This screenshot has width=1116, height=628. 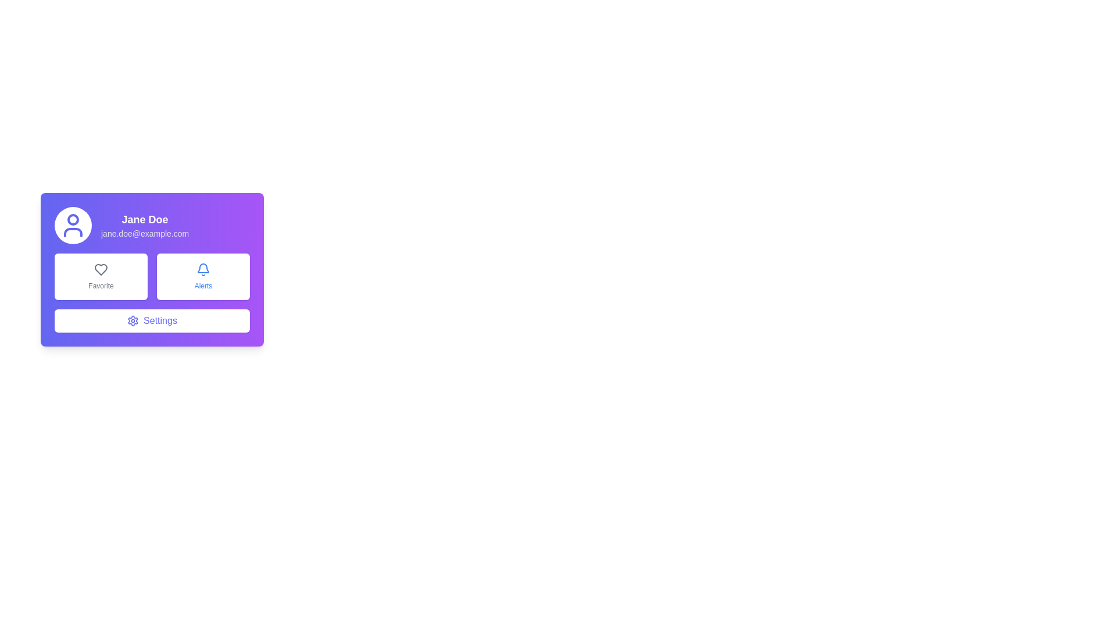 What do you see at coordinates (159, 320) in the screenshot?
I see `the 'Settings' text label, which is a blue text component located next to a gear icon at the bottom of the profile card interface` at bounding box center [159, 320].